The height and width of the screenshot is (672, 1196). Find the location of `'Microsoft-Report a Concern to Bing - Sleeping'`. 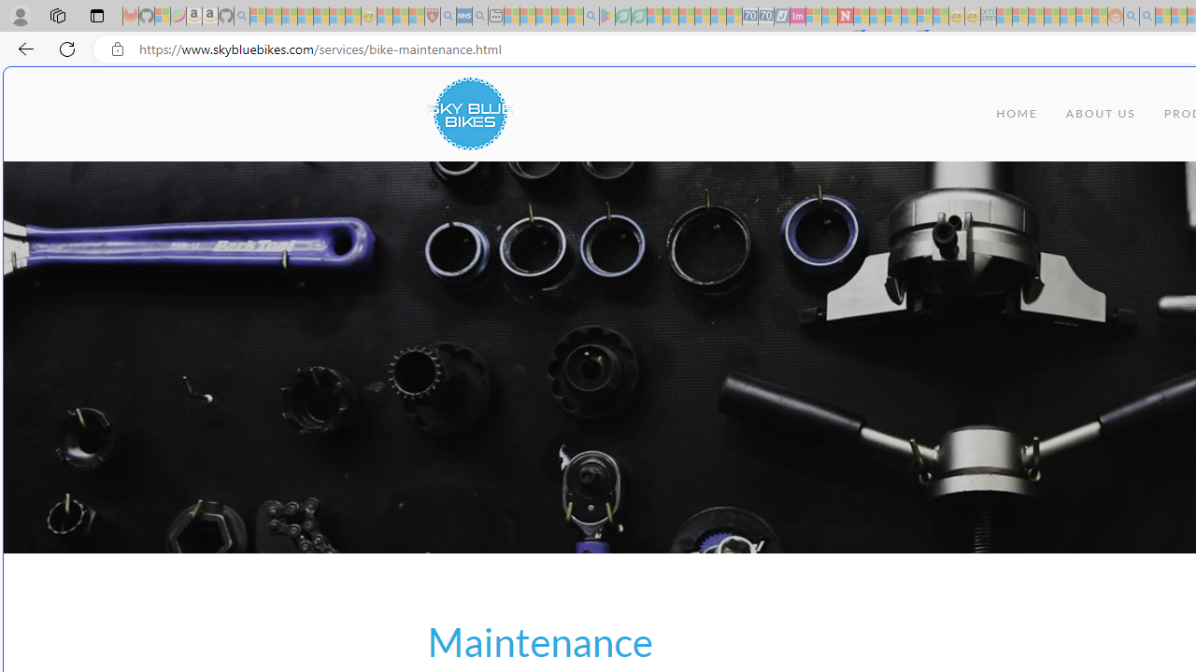

'Microsoft-Report a Concern to Bing - Sleeping' is located at coordinates (163, 16).